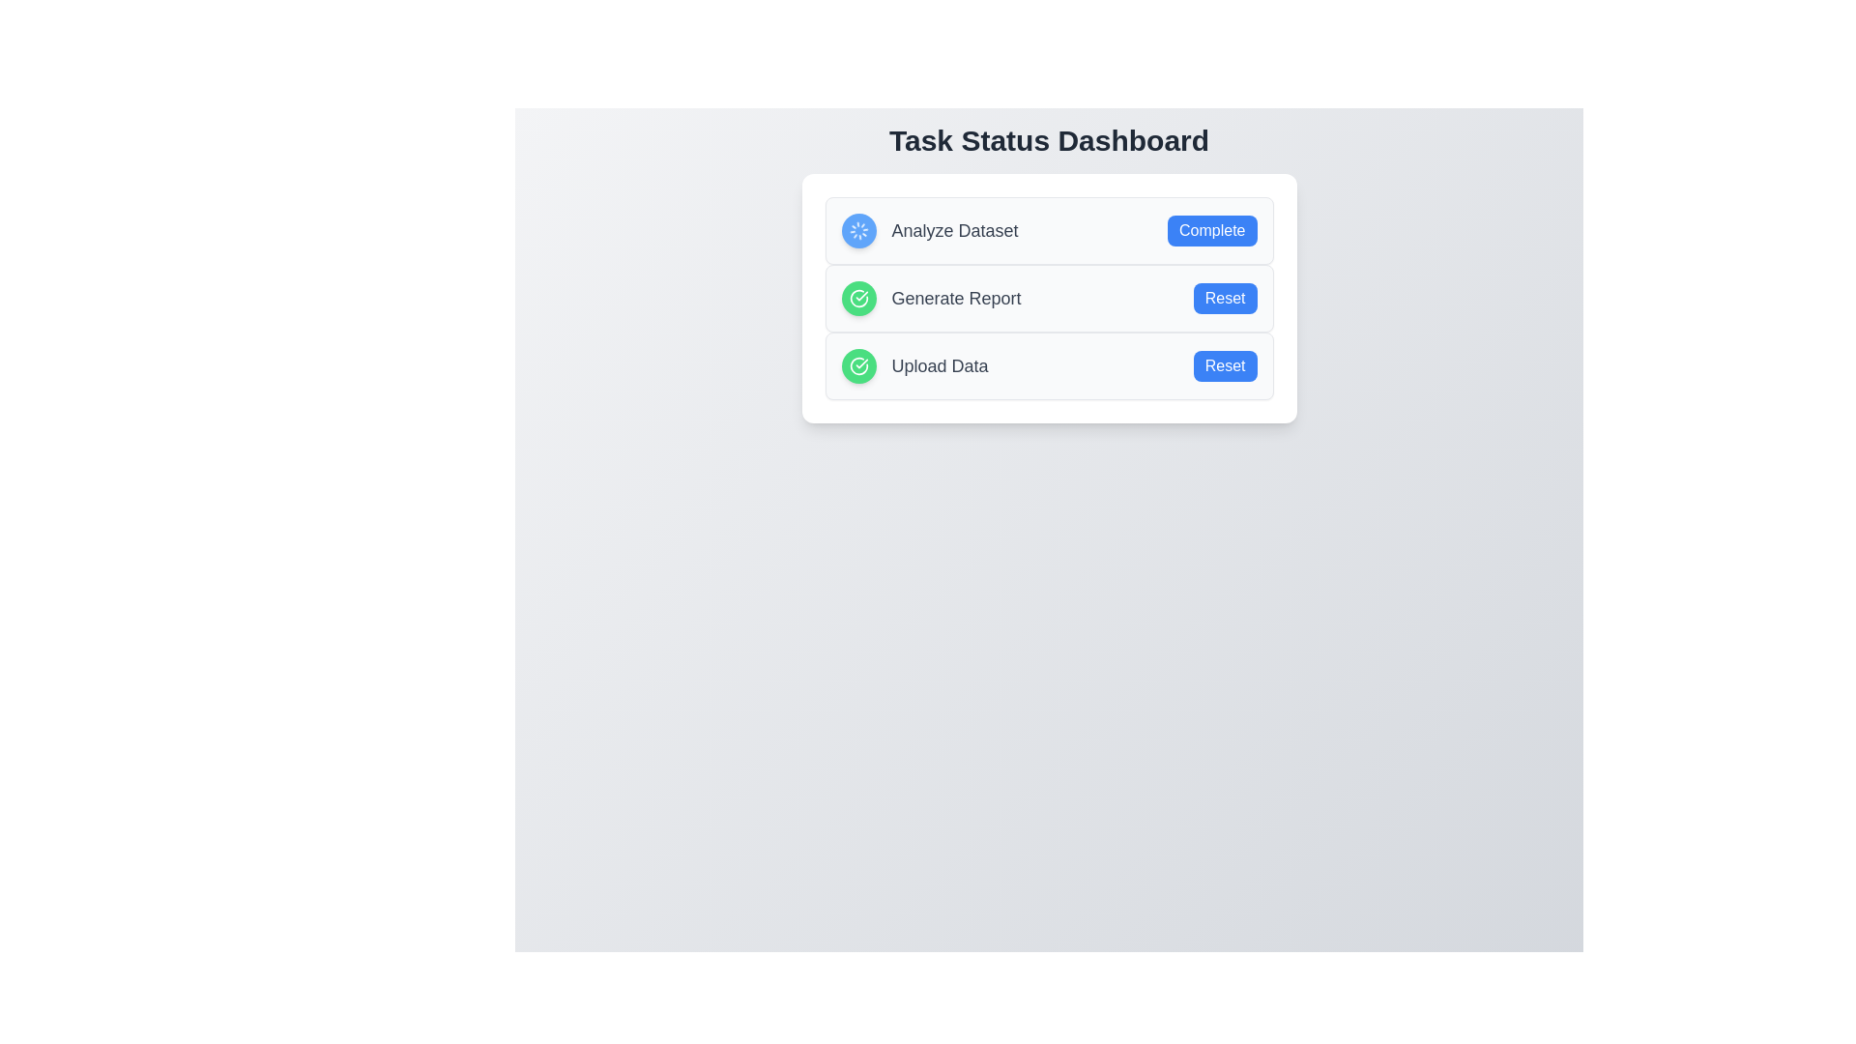 The height and width of the screenshot is (1044, 1856). I want to click on the loader animation of the circular blue button with a spinning white loader icon resembling a sunburst, located to the left of the 'Analyze Dataset' text in the task list, so click(857, 230).